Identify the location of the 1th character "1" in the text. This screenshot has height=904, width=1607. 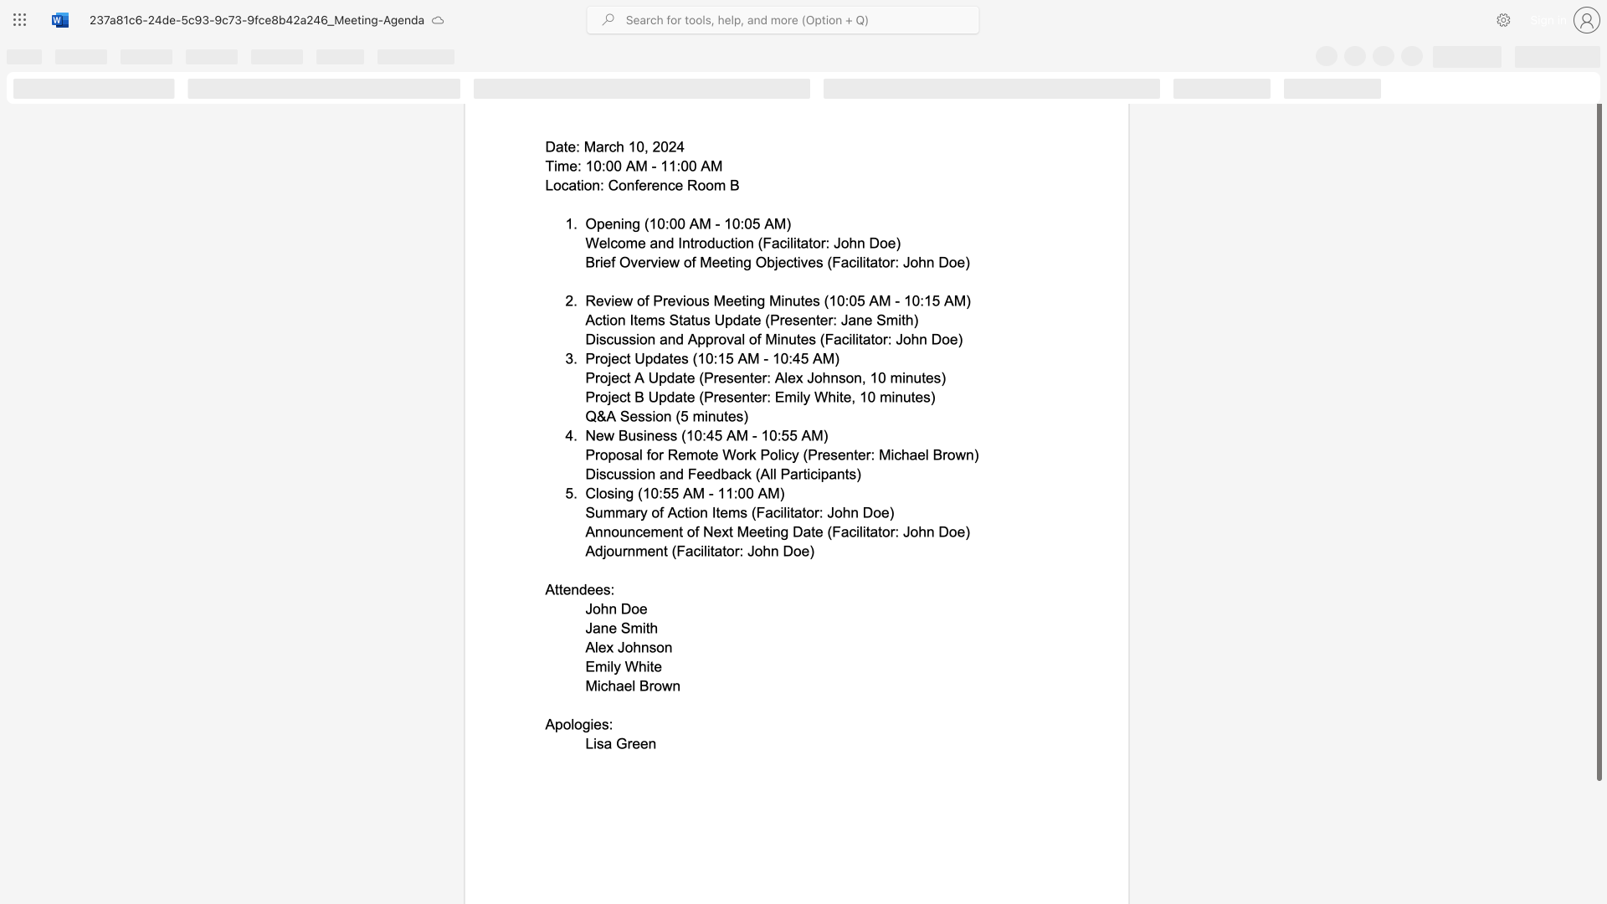
(589, 166).